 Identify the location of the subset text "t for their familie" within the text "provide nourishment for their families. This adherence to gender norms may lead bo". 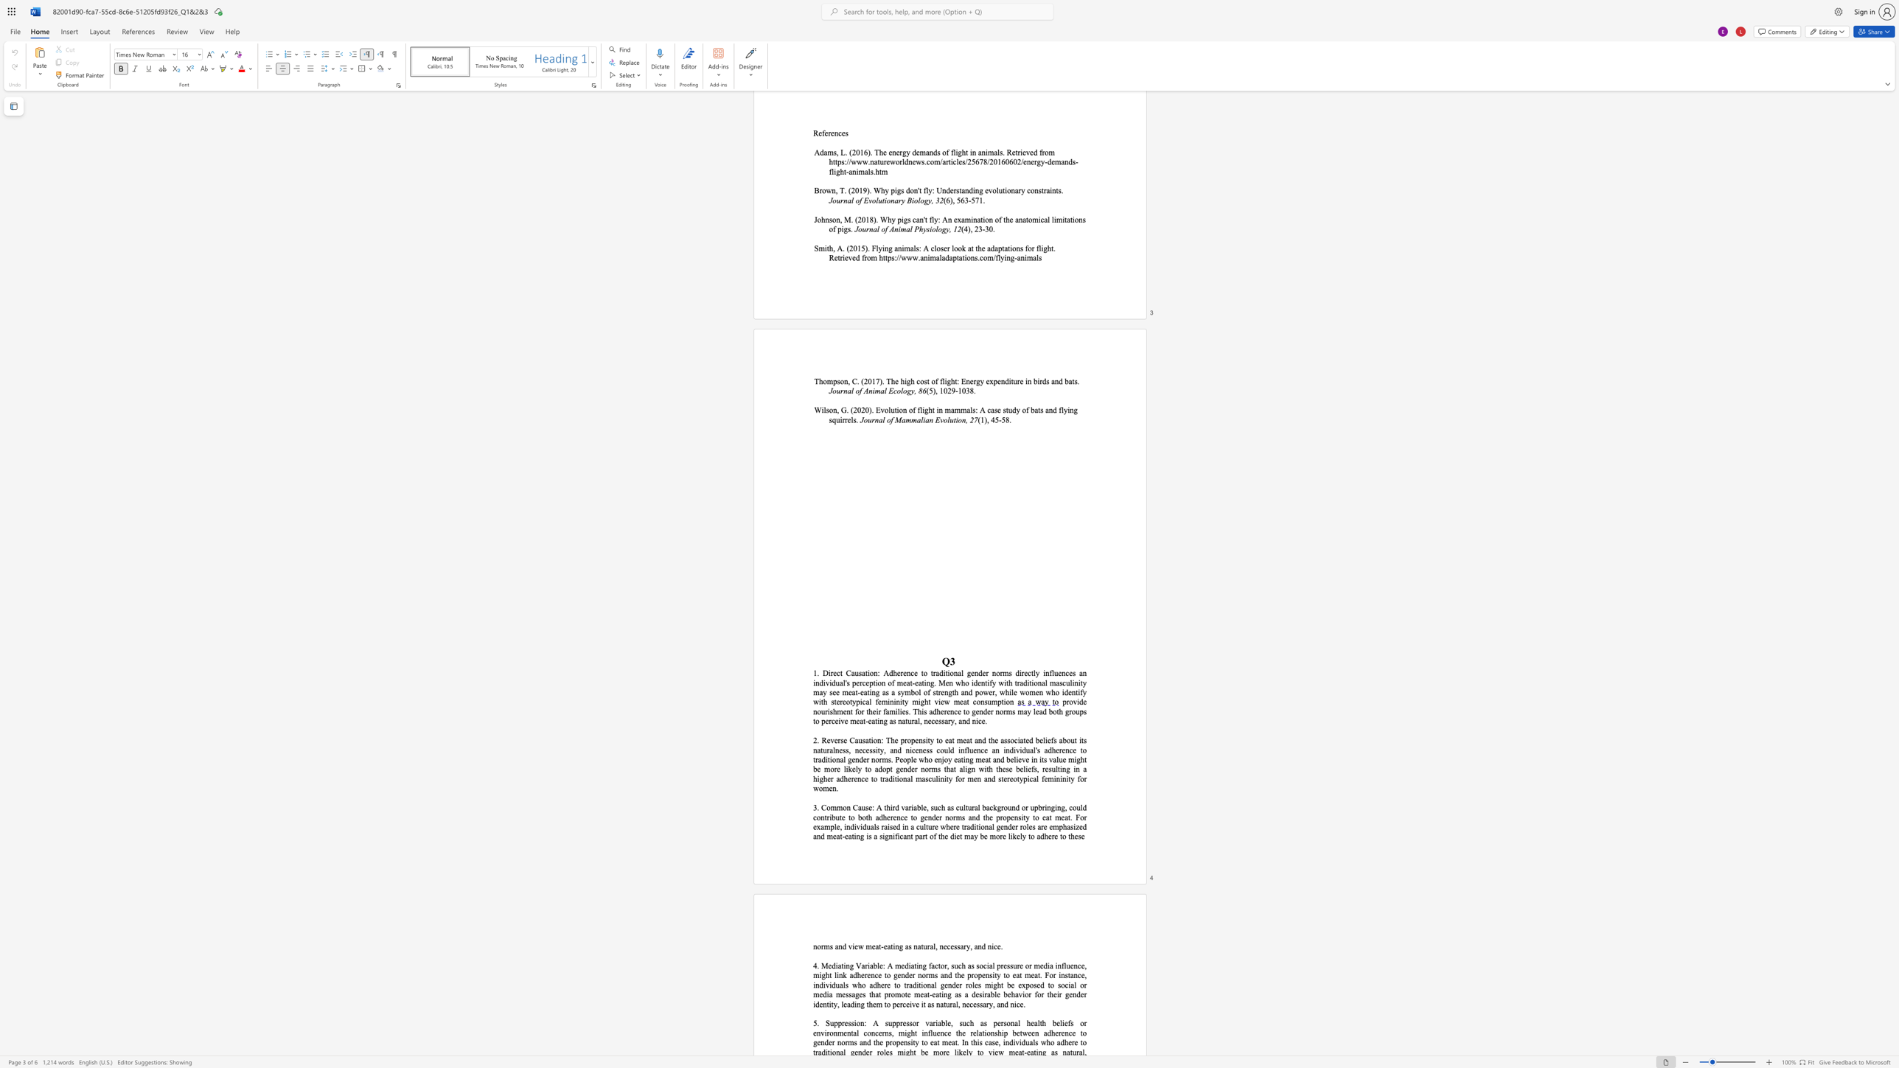
(849, 711).